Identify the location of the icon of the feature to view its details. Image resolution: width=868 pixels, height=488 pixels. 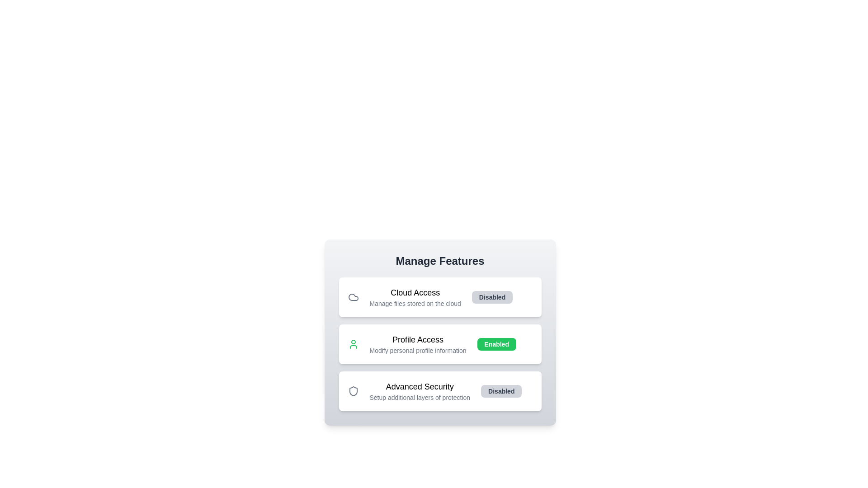
(353, 297).